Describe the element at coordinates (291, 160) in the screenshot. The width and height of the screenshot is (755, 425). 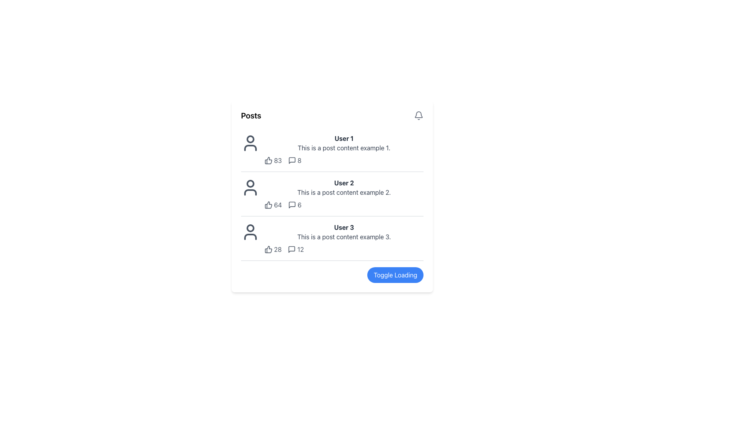
I see `the speech bubble icon that has a rounded square outline and is located beside the text '8' under the first user's post in the list` at that location.